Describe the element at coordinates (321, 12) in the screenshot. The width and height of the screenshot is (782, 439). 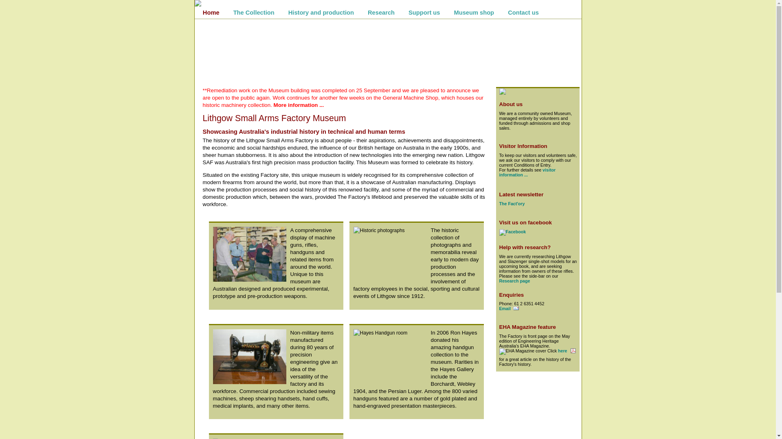
I see `'History and production'` at that location.